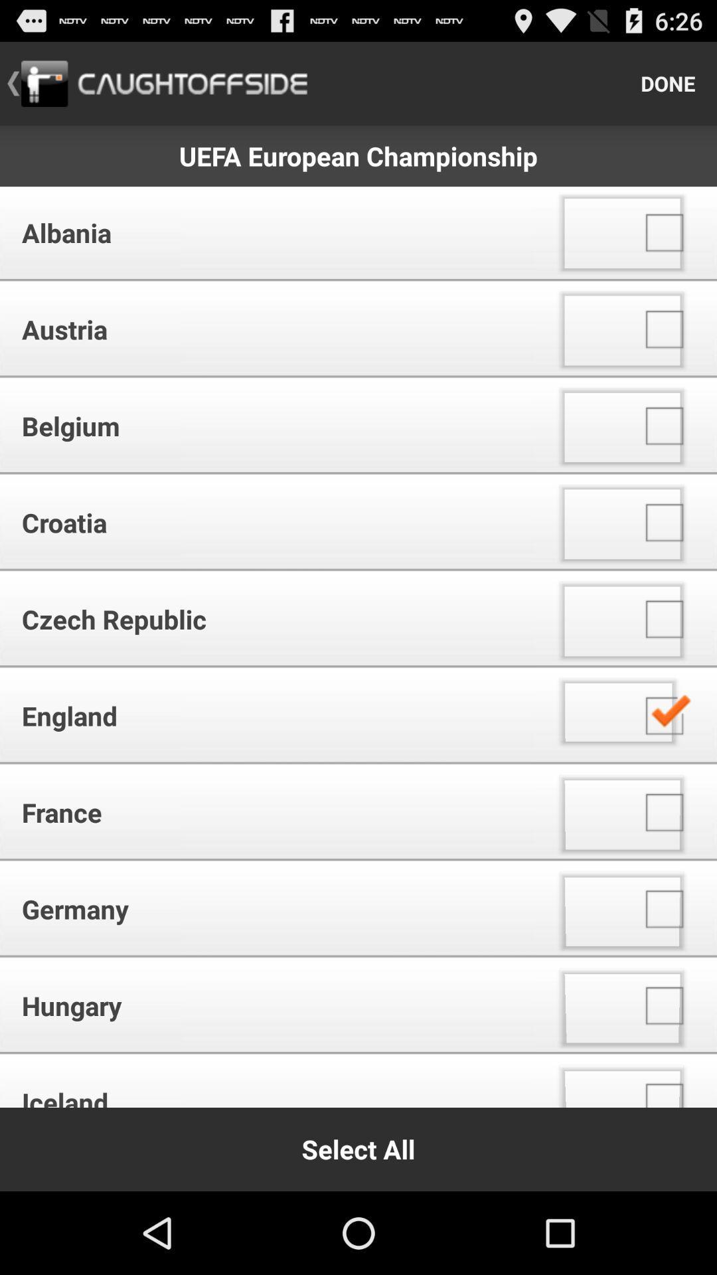 The width and height of the screenshot is (717, 1275). Describe the element at coordinates (272, 1005) in the screenshot. I see `the hungary icon` at that location.